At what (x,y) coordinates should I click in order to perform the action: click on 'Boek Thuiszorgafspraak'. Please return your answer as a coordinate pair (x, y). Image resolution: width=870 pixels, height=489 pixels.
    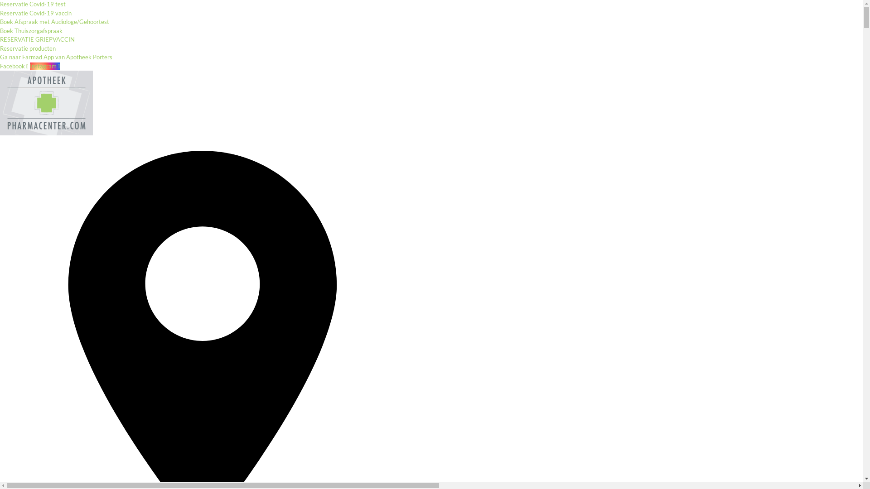
    Looking at the image, I should click on (0, 30).